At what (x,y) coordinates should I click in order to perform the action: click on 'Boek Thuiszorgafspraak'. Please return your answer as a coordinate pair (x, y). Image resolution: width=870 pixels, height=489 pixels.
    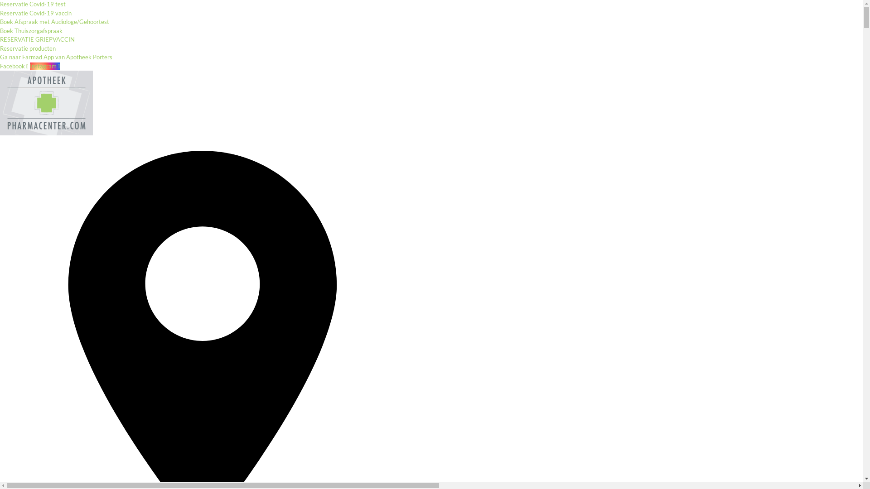
    Looking at the image, I should click on (0, 30).